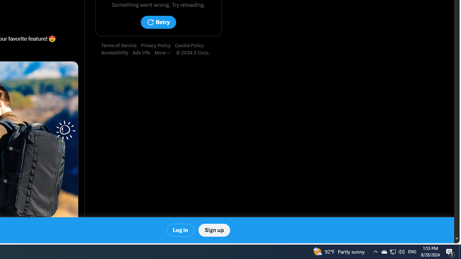 The width and height of the screenshot is (461, 259). What do you see at coordinates (117, 53) in the screenshot?
I see `'Accessibility'` at bounding box center [117, 53].